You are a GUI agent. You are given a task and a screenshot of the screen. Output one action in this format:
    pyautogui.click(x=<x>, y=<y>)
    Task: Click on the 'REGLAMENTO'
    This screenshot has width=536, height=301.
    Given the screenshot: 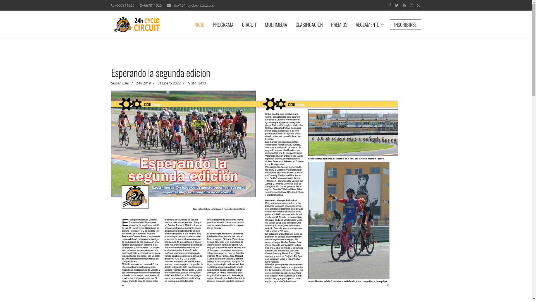 What is the action you would take?
    pyautogui.click(x=367, y=24)
    